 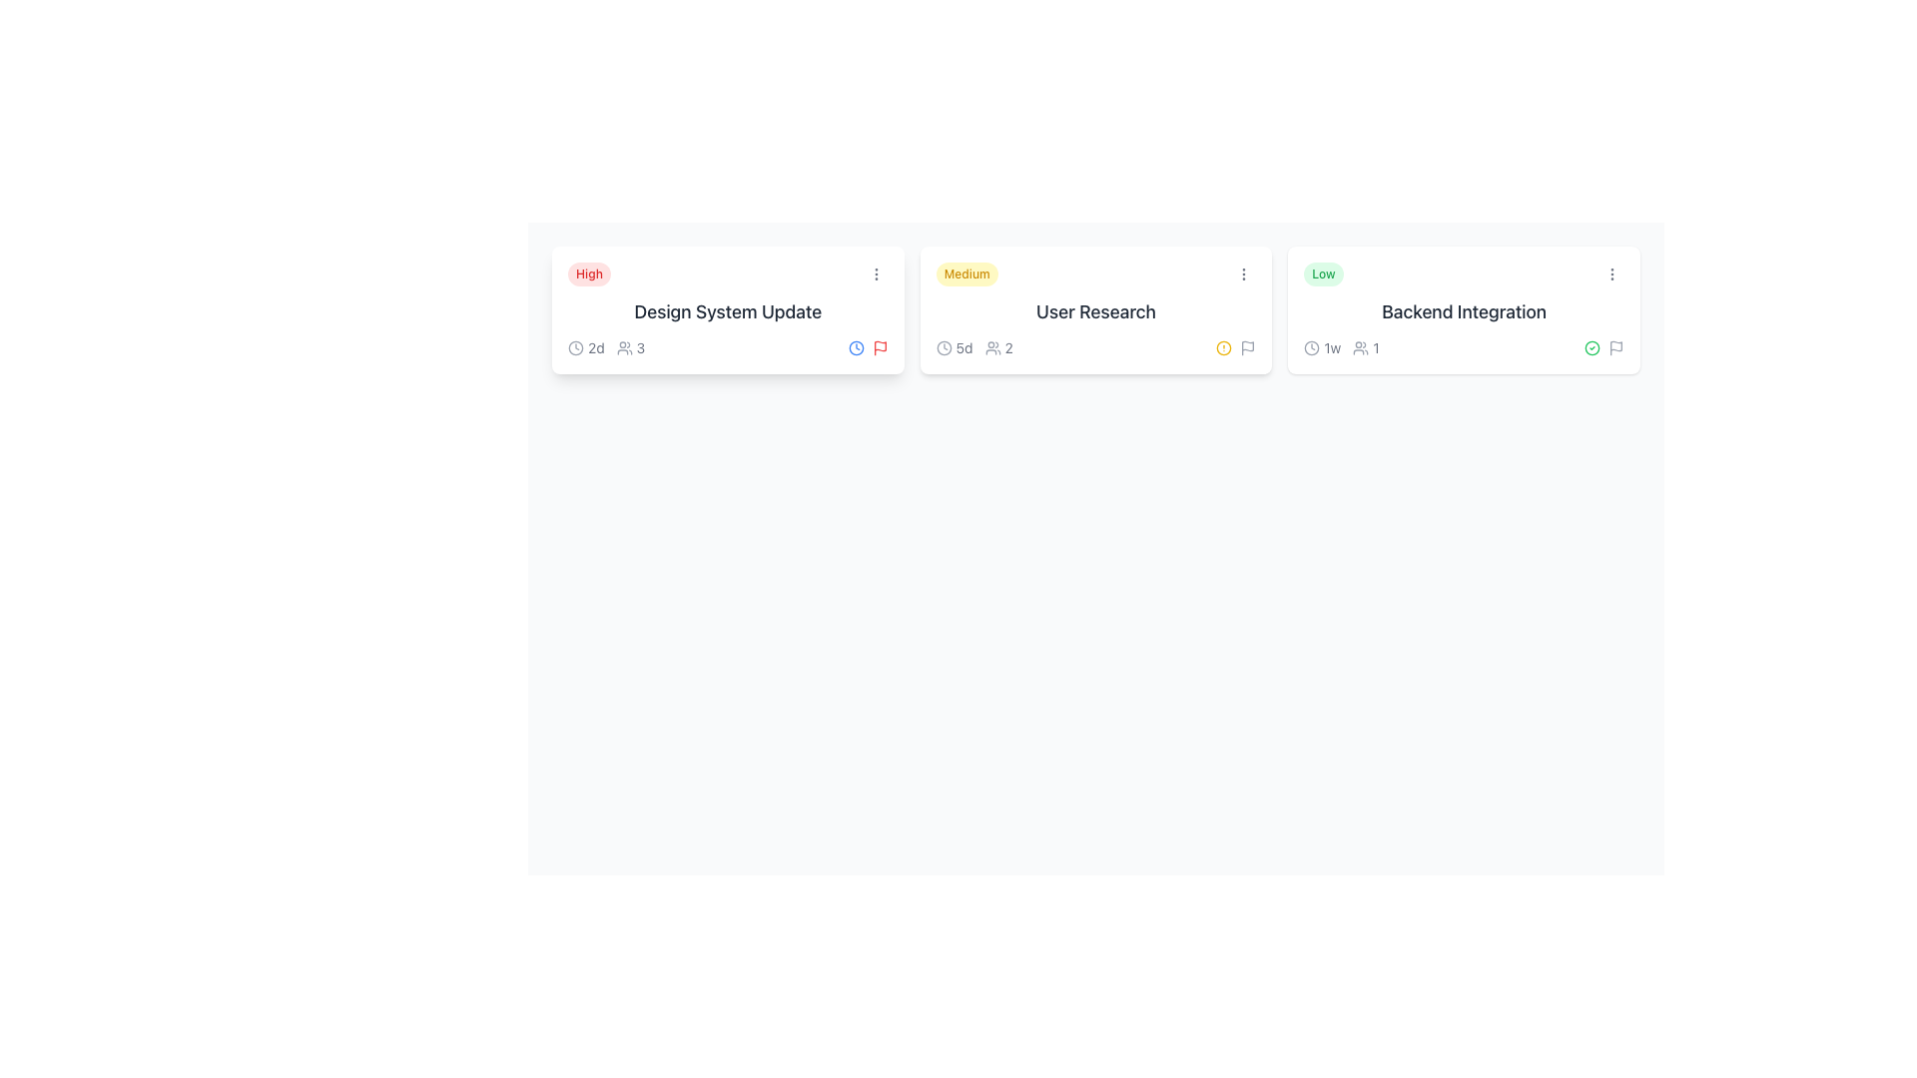 I want to click on the composite display element containing an icon and text group that shows task metadata, located at the bottom-left corner of the 'Design System Update' card, so click(x=605, y=346).